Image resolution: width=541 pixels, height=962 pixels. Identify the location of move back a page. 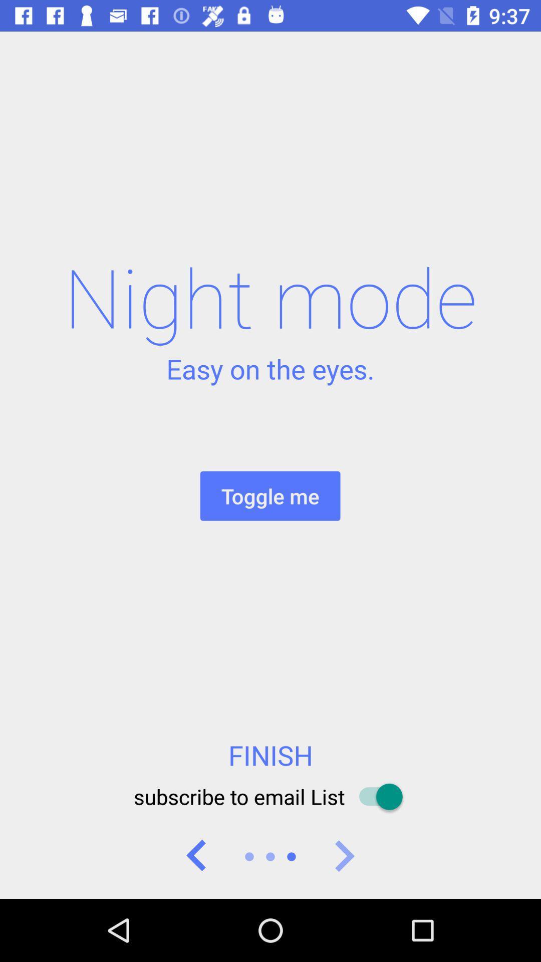
(197, 856).